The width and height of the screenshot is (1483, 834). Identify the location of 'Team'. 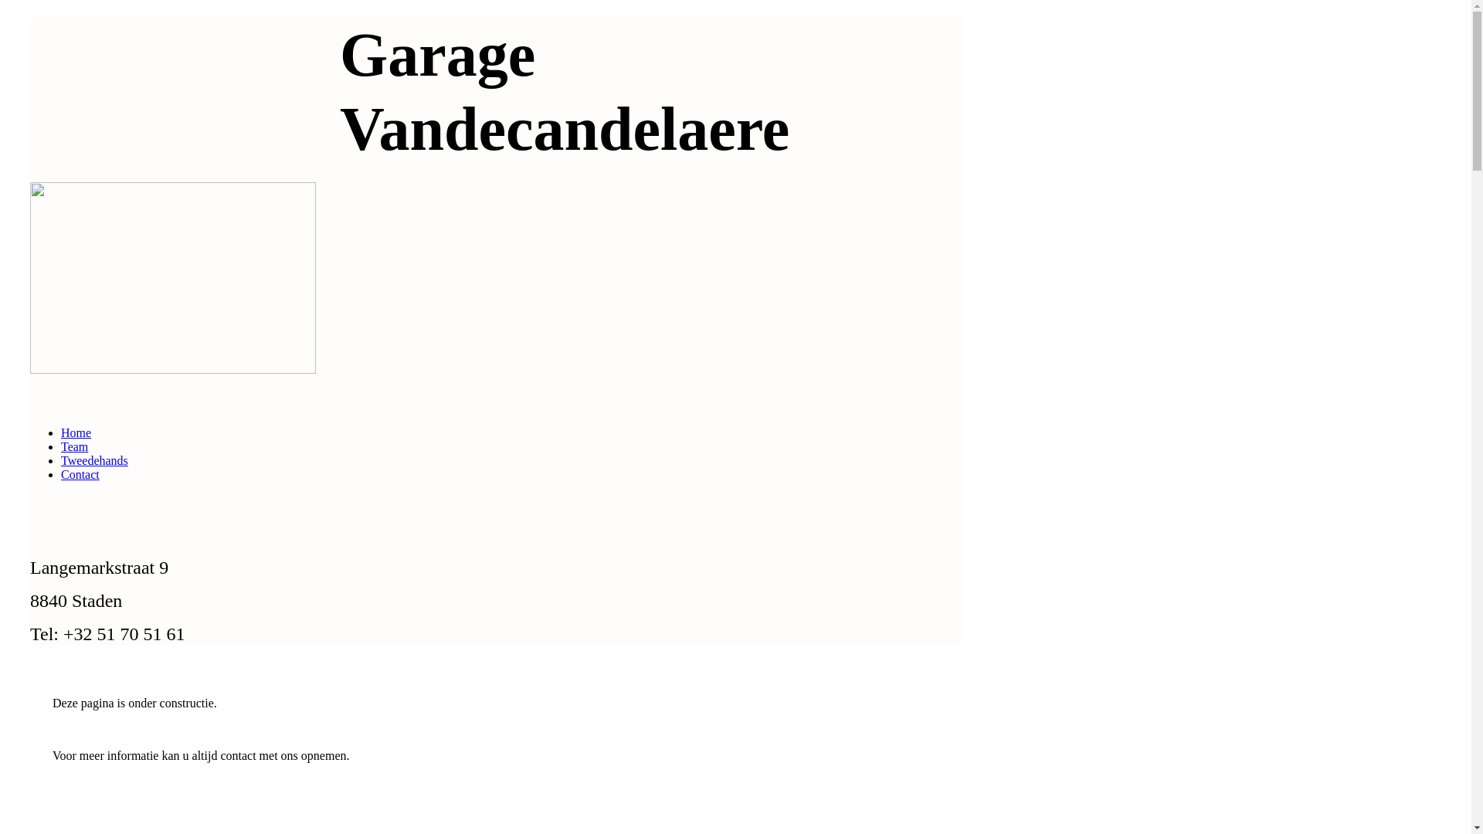
(73, 446).